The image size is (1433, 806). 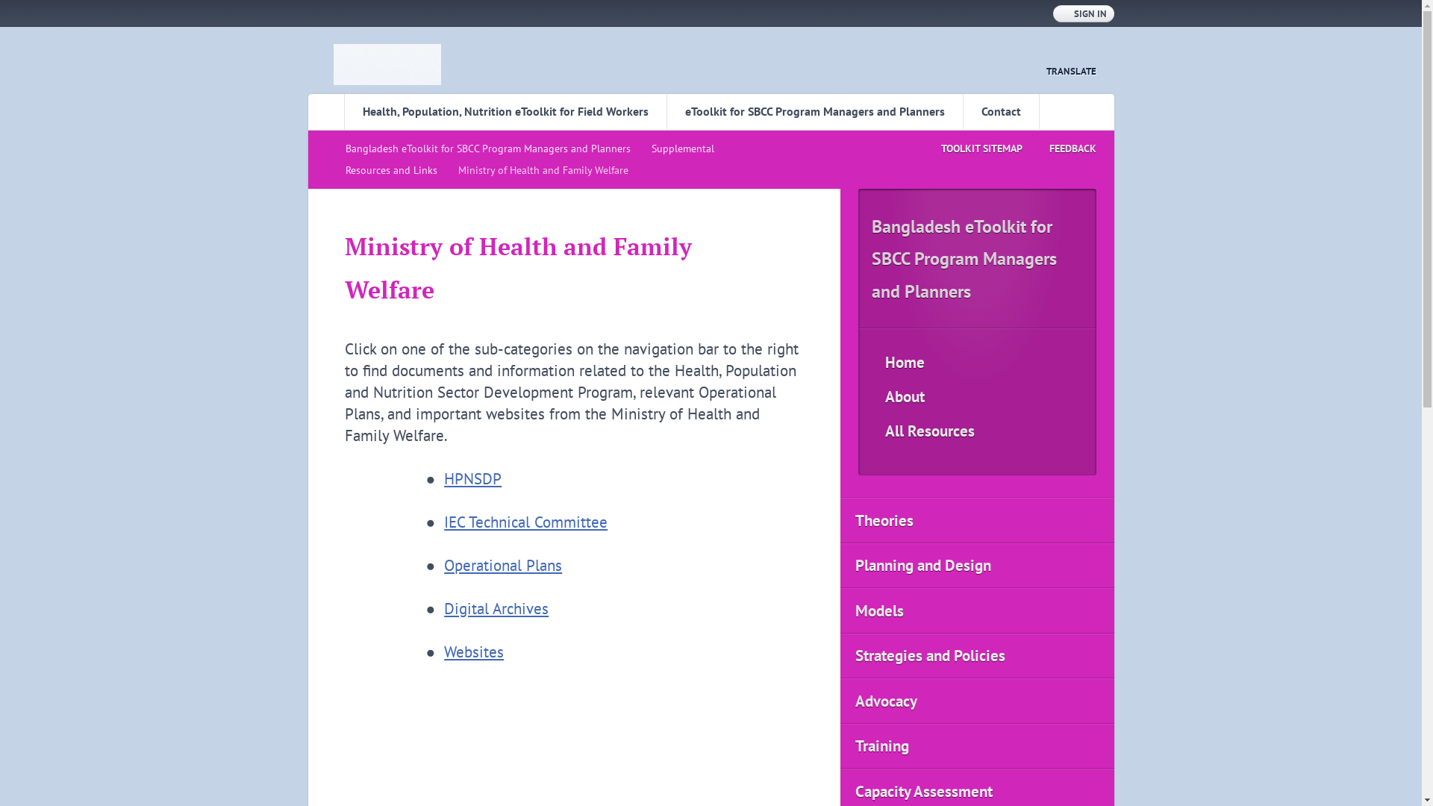 What do you see at coordinates (525, 521) in the screenshot?
I see `'IEC Technical Committee'` at bounding box center [525, 521].